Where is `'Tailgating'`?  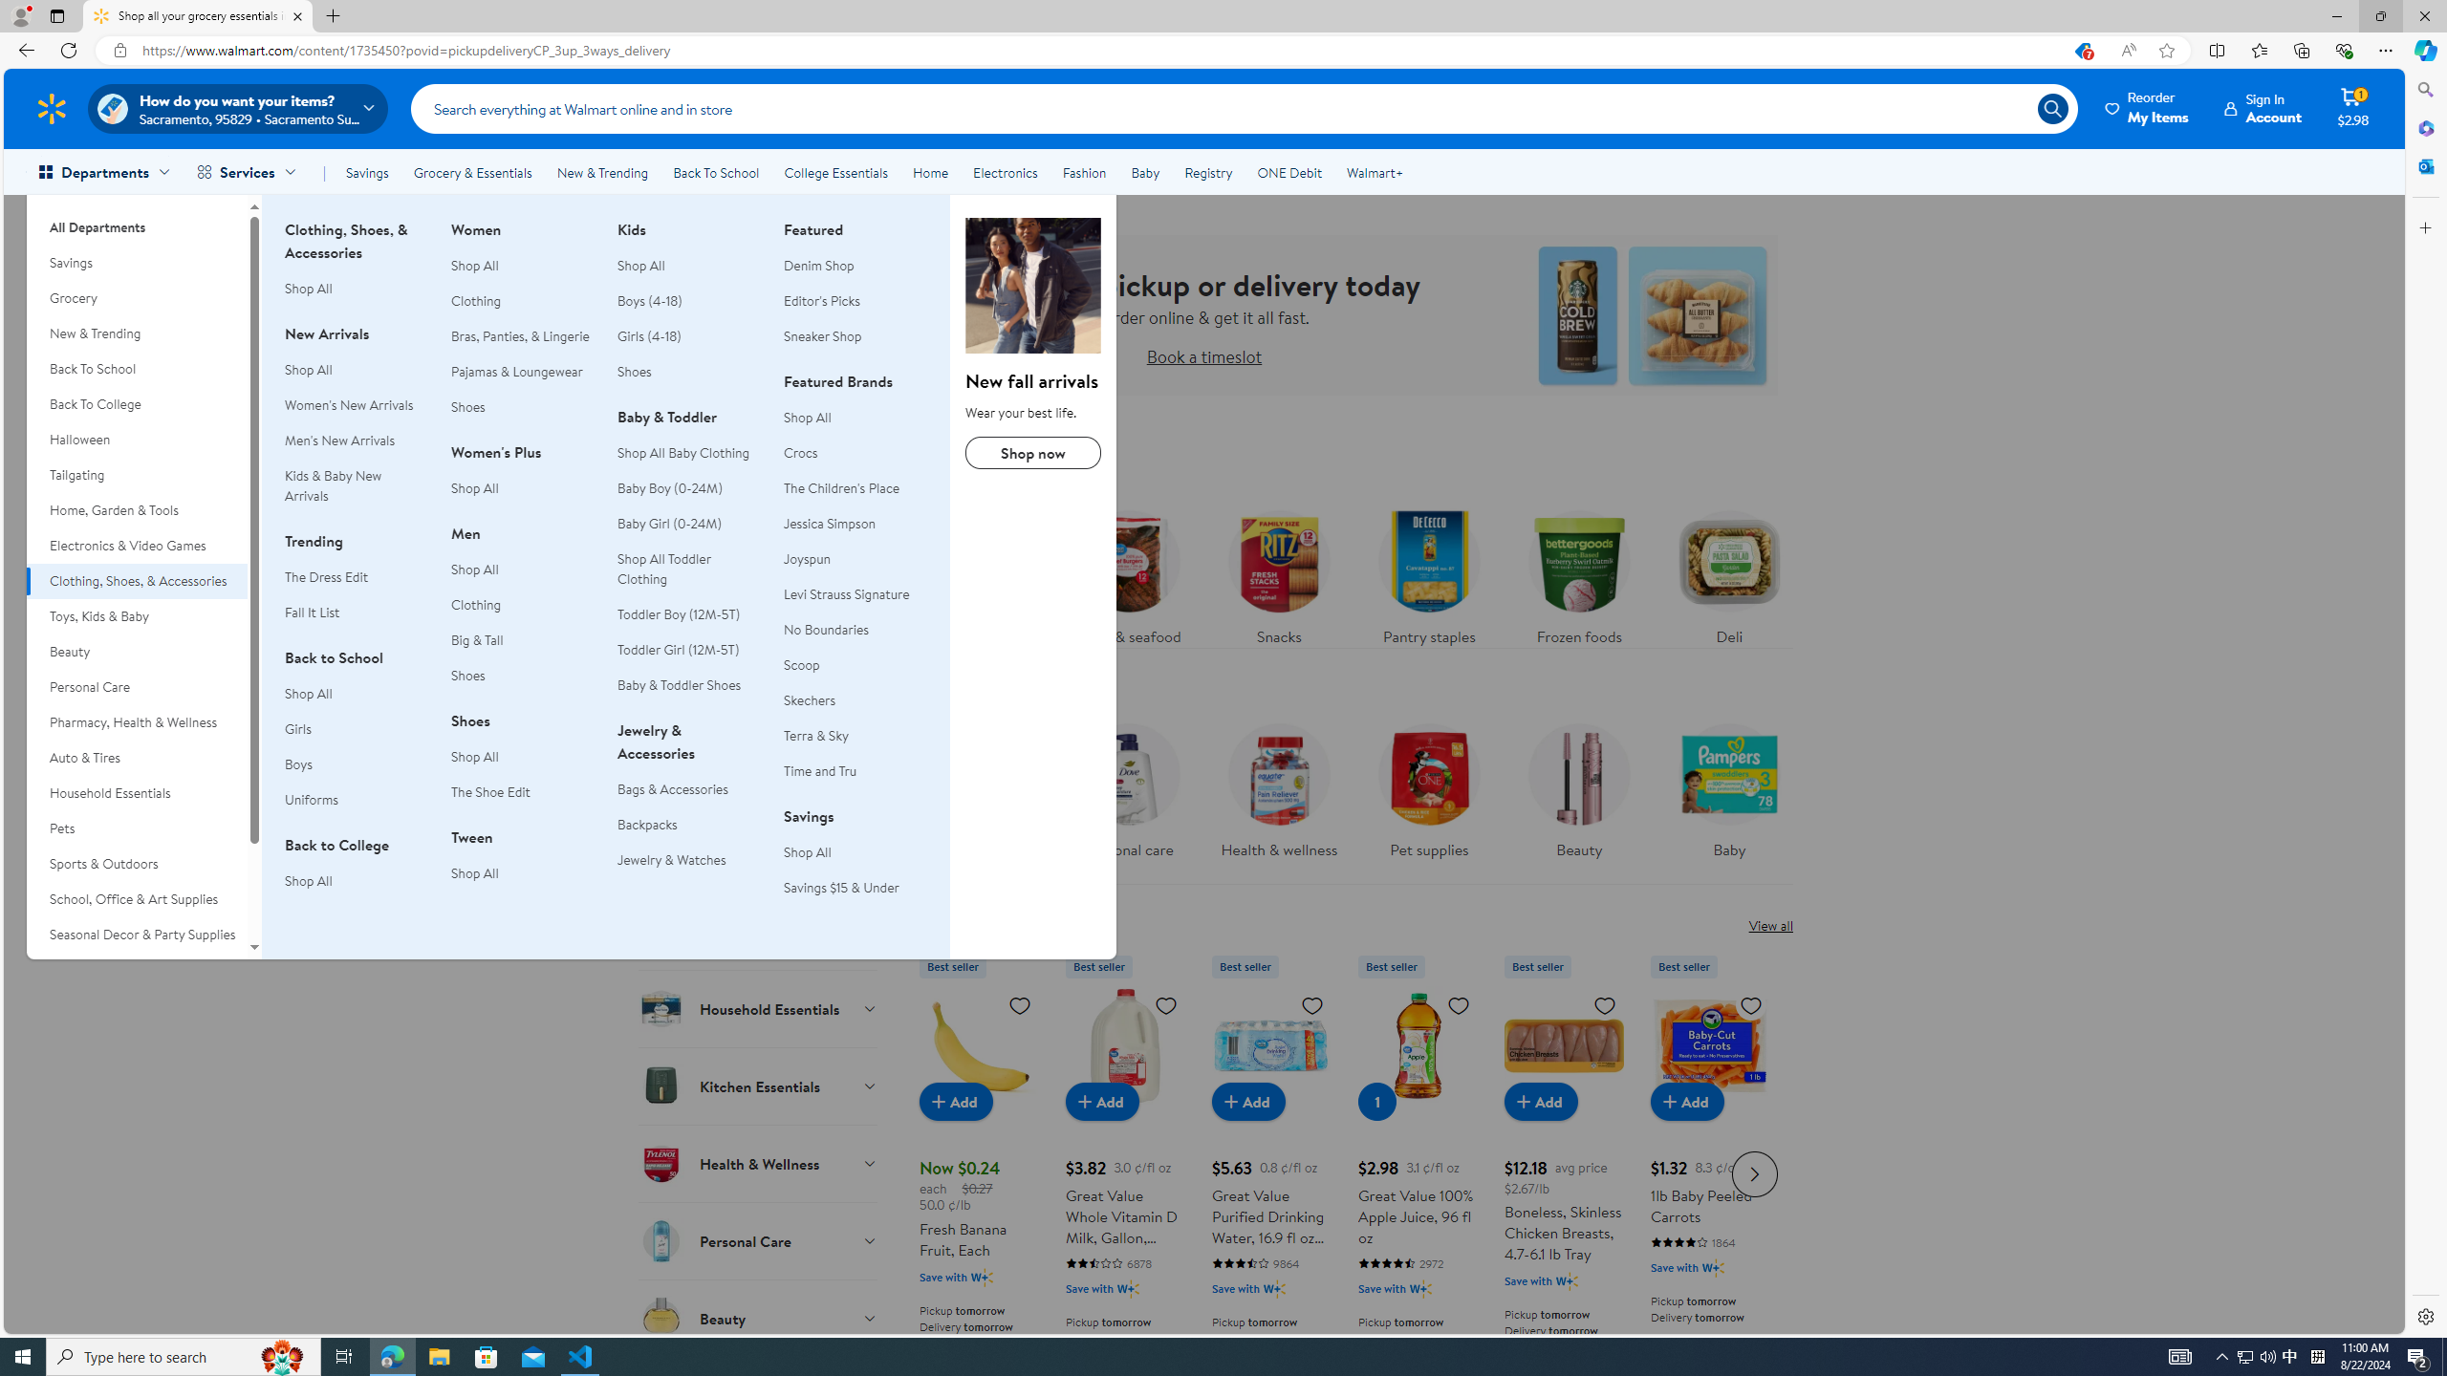
'Tailgating' is located at coordinates (136, 475).